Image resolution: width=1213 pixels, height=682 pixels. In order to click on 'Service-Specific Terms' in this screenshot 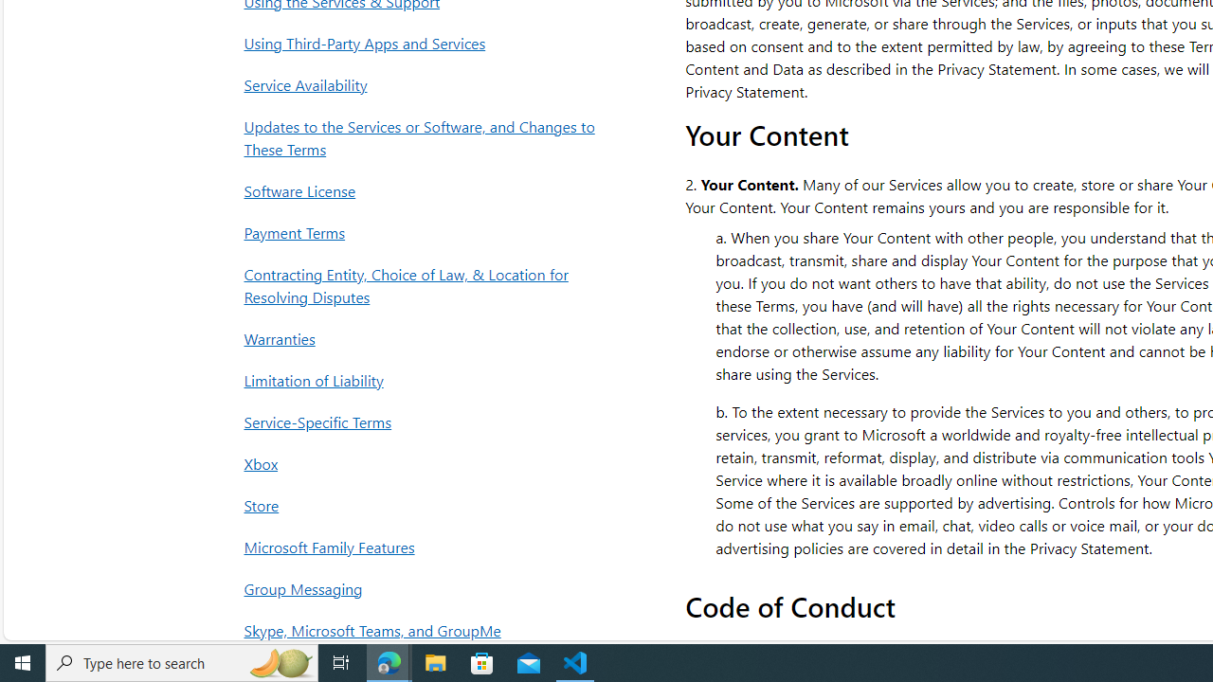, I will do `click(424, 421)`.